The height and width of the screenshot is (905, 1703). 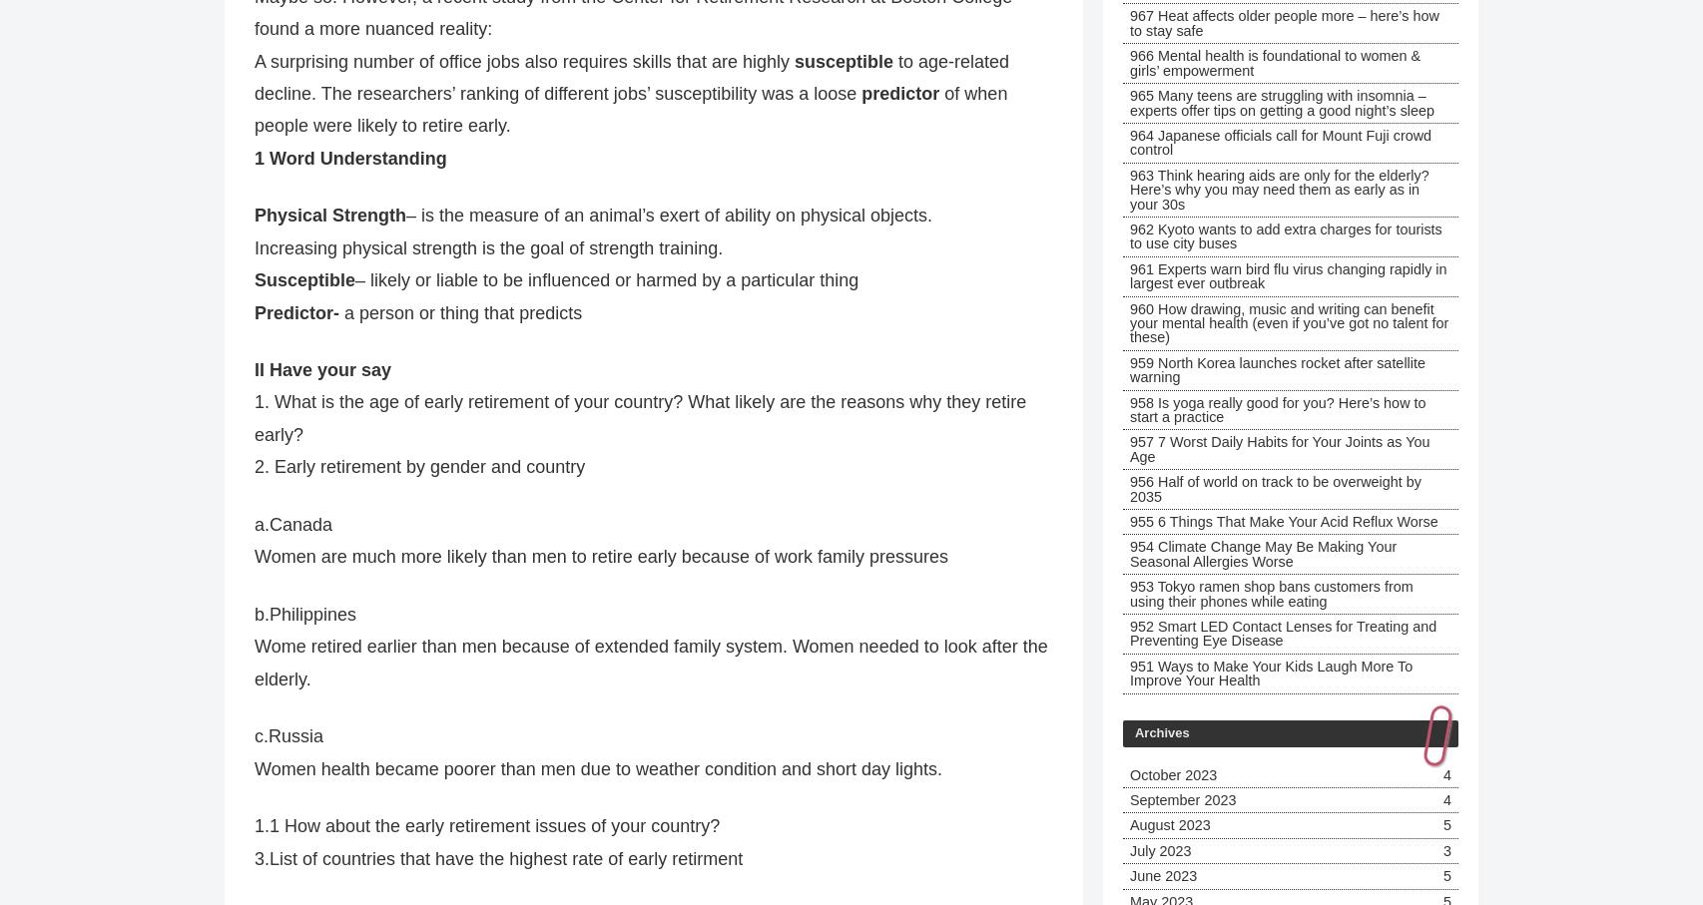 What do you see at coordinates (1282, 520) in the screenshot?
I see `'955  6 Things That Make Your Acid Reflux Worse'` at bounding box center [1282, 520].